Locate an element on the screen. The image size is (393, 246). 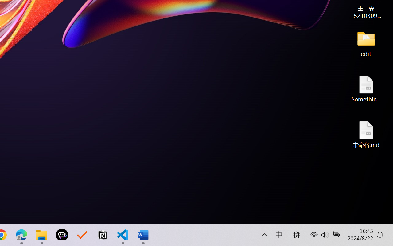
'Something.md' is located at coordinates (366, 89).